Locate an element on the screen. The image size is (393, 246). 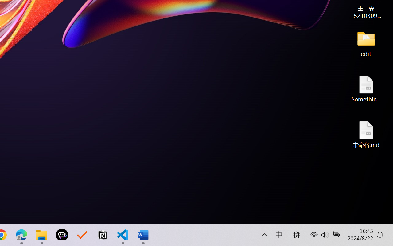
'Something.md' is located at coordinates (366, 89).